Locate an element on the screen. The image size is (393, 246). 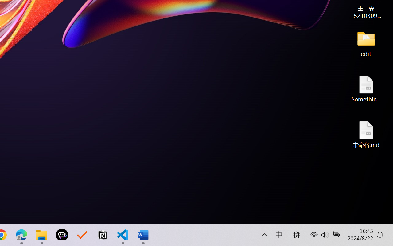
'Something.md' is located at coordinates (366, 89).